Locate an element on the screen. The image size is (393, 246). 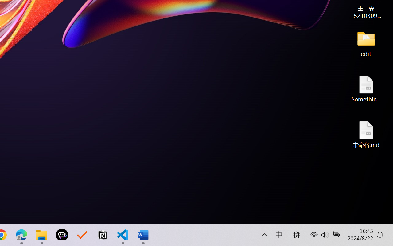
'Something.md' is located at coordinates (366, 89).